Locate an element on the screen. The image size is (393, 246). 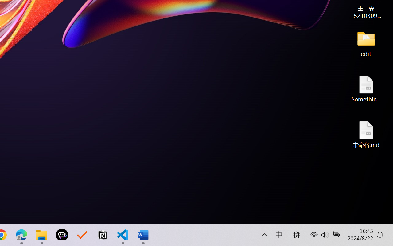
'Something.md' is located at coordinates (366, 89).